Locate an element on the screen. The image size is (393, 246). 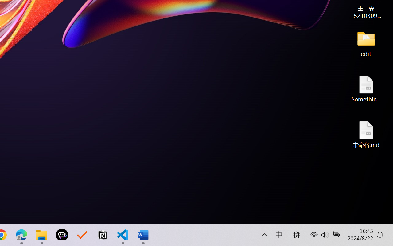
'Something.md' is located at coordinates (366, 89).